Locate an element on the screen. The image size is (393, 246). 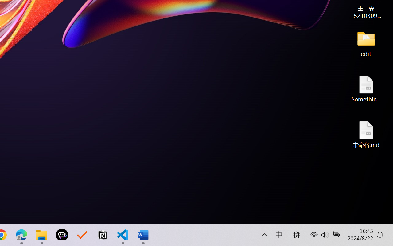
'Something.md' is located at coordinates (366, 89).